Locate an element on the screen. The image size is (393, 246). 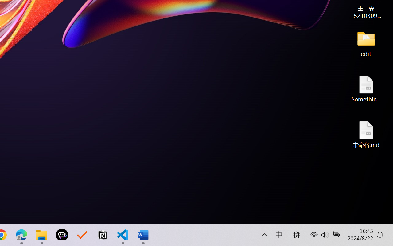
'Something.md' is located at coordinates (366, 89).